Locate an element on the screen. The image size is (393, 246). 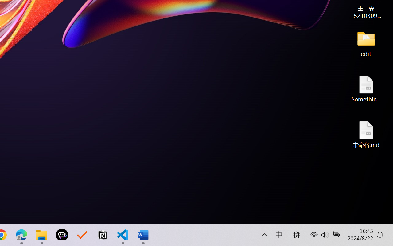
'Something.md' is located at coordinates (366, 89).